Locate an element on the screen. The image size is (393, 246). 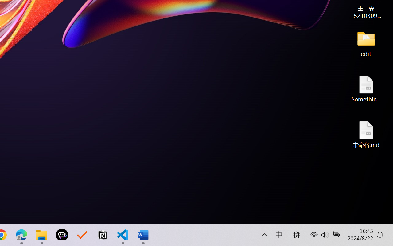
'Something.md' is located at coordinates (366, 89).